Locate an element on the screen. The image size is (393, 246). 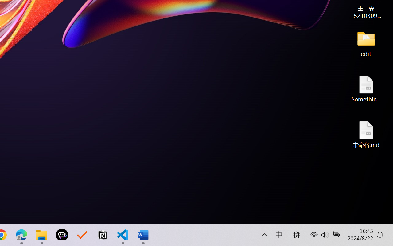
'Something.md' is located at coordinates (366, 89).